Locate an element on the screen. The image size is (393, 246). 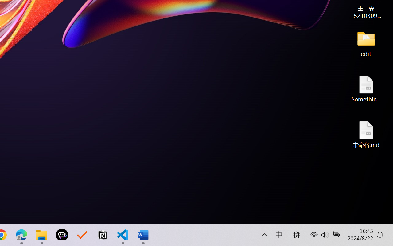
'Something.md' is located at coordinates (366, 89).